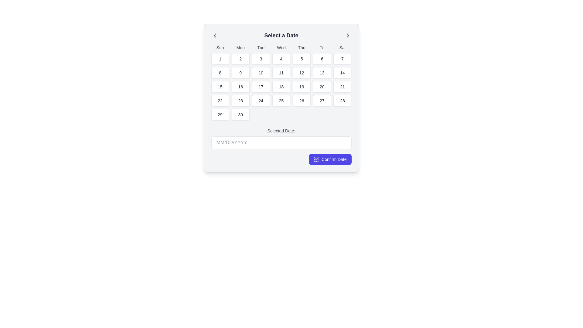  What do you see at coordinates (281, 98) in the screenshot?
I see `the Date Selector Grid` at bounding box center [281, 98].